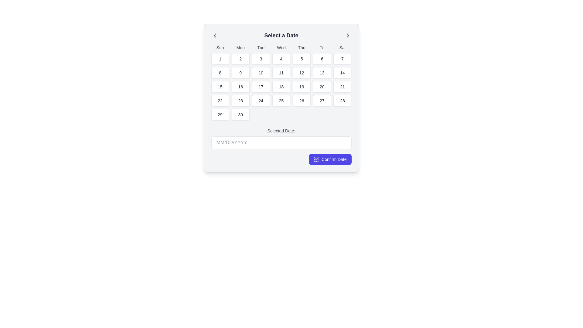  What do you see at coordinates (281, 98) in the screenshot?
I see `the Date Selector Grid` at bounding box center [281, 98].